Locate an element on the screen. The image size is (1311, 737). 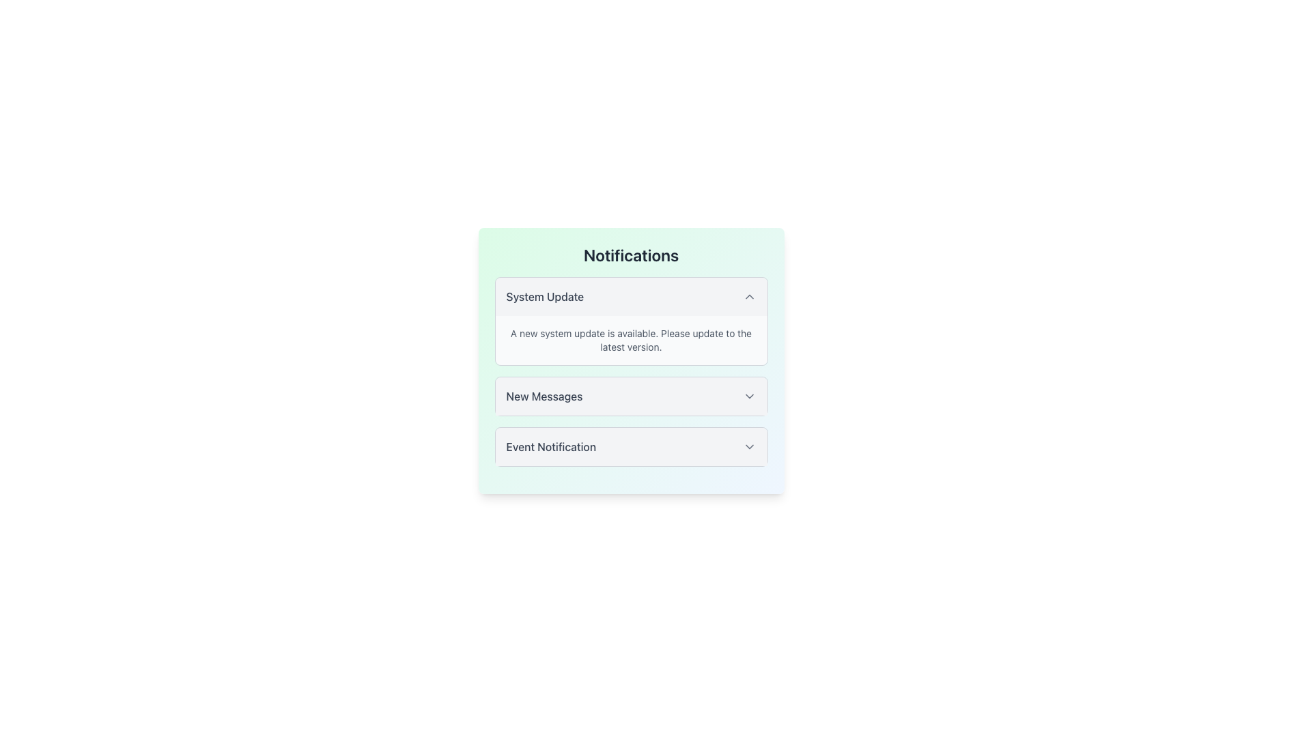
the collapse icon for the 'System Update' section to provide visual feedback or display a tooltip is located at coordinates (748, 296).